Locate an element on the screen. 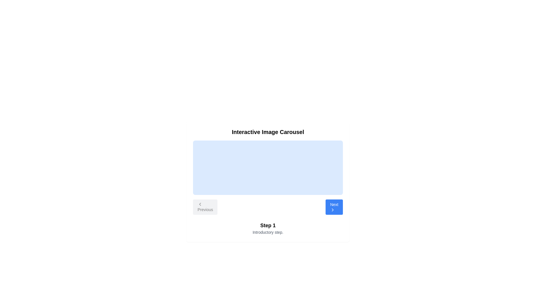 This screenshot has width=545, height=306. the navigational icon next to the 'Next' button, which indicates forward progression in the sequence is located at coordinates (333, 210).